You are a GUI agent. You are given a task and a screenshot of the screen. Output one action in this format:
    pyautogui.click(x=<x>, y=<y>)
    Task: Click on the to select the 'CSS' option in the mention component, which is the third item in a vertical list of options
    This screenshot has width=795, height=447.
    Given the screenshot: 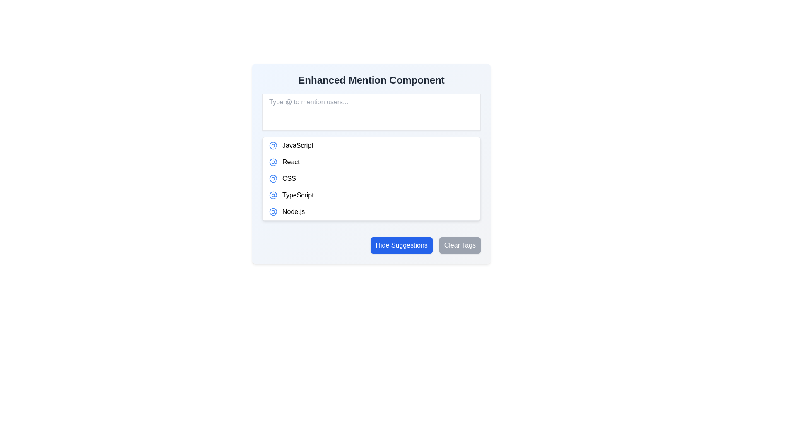 What is the action you would take?
    pyautogui.click(x=371, y=178)
    